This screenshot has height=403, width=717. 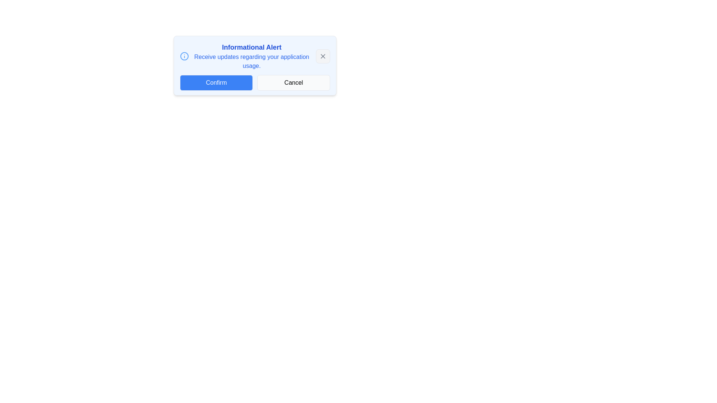 What do you see at coordinates (323, 56) in the screenshot?
I see `the close button located in the top-right corner of the informational alert dialog box` at bounding box center [323, 56].